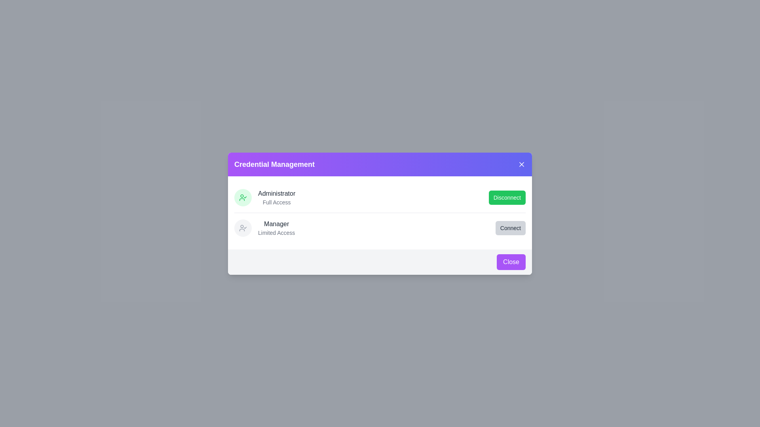 The height and width of the screenshot is (427, 760). Describe the element at coordinates (276, 232) in the screenshot. I see `the accessibility level text label associated with the 'Manager' role, positioned beneath the 'Manager' label and to the right of the avatar icon in the 'Credential Management' dialog box` at that location.